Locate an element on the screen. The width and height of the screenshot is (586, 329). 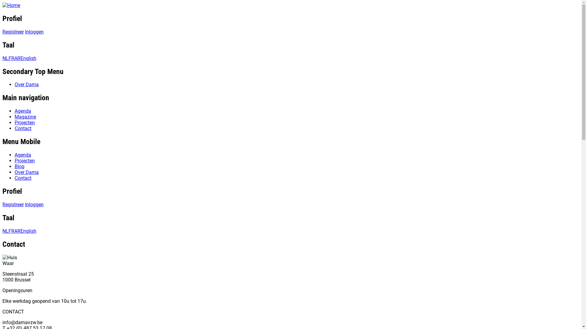
'English' is located at coordinates (28, 58).